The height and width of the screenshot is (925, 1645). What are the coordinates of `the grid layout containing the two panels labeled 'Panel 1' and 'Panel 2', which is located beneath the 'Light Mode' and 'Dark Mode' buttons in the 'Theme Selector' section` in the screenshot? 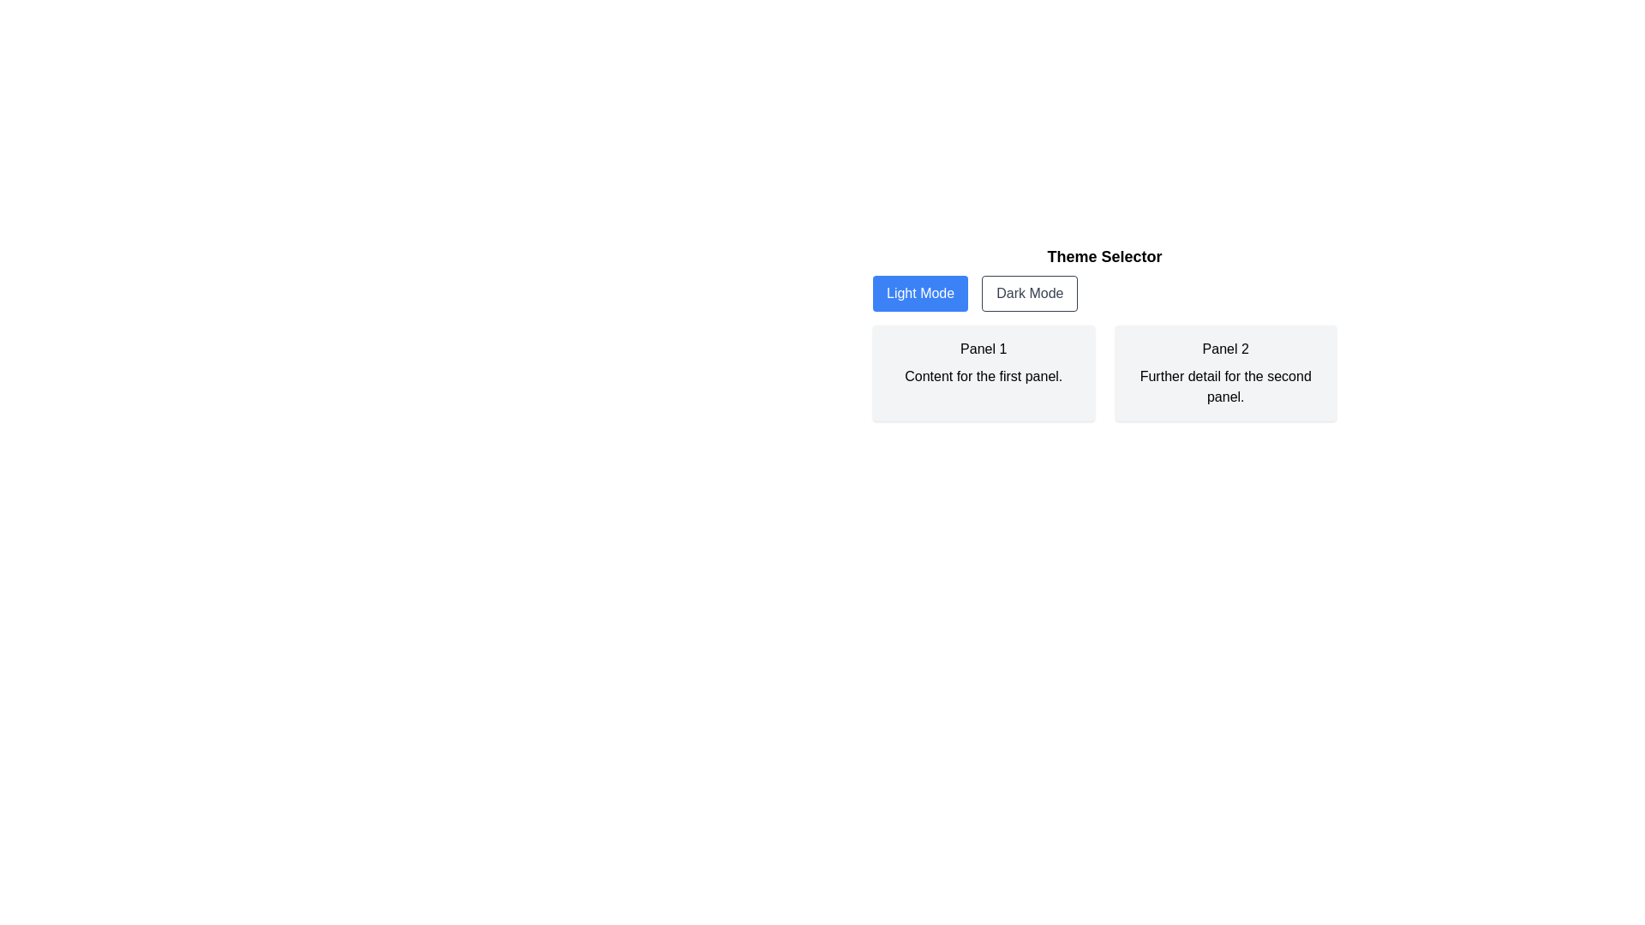 It's located at (1104, 372).